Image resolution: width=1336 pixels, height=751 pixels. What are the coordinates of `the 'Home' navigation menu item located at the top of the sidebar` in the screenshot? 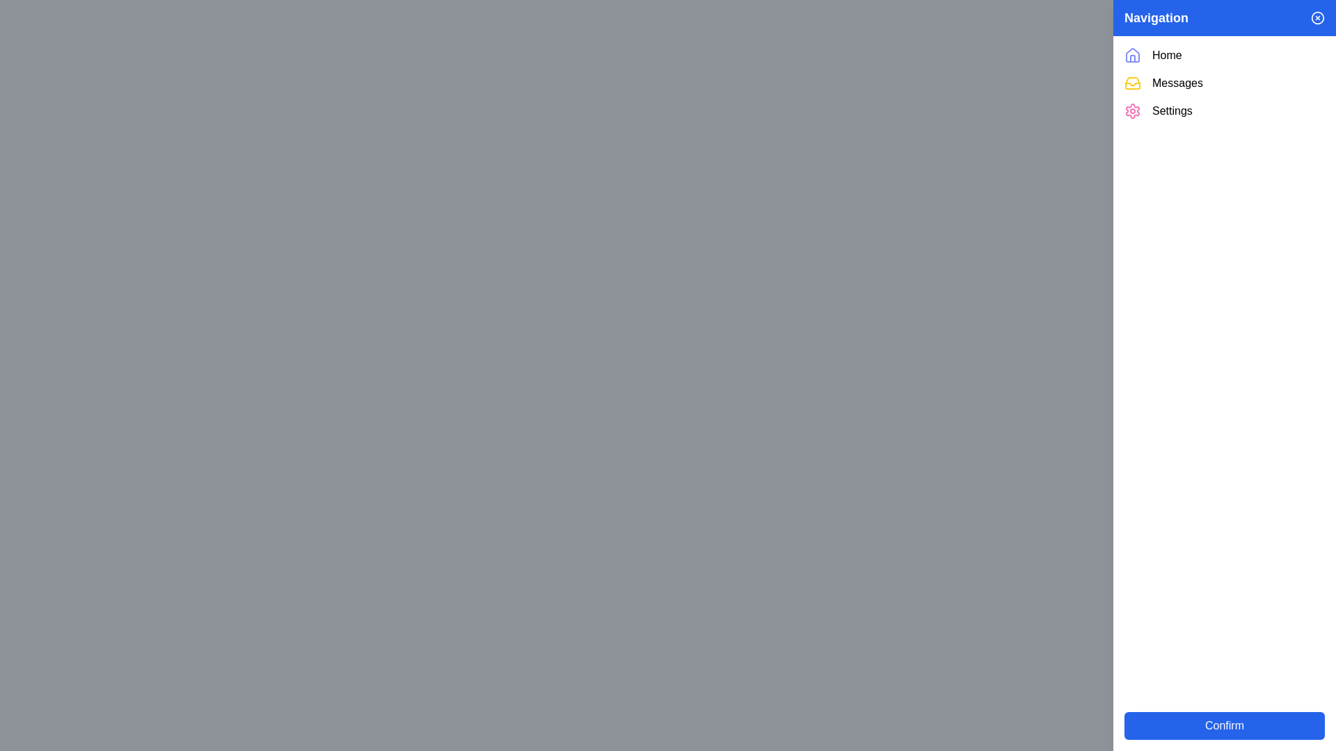 It's located at (1225, 55).